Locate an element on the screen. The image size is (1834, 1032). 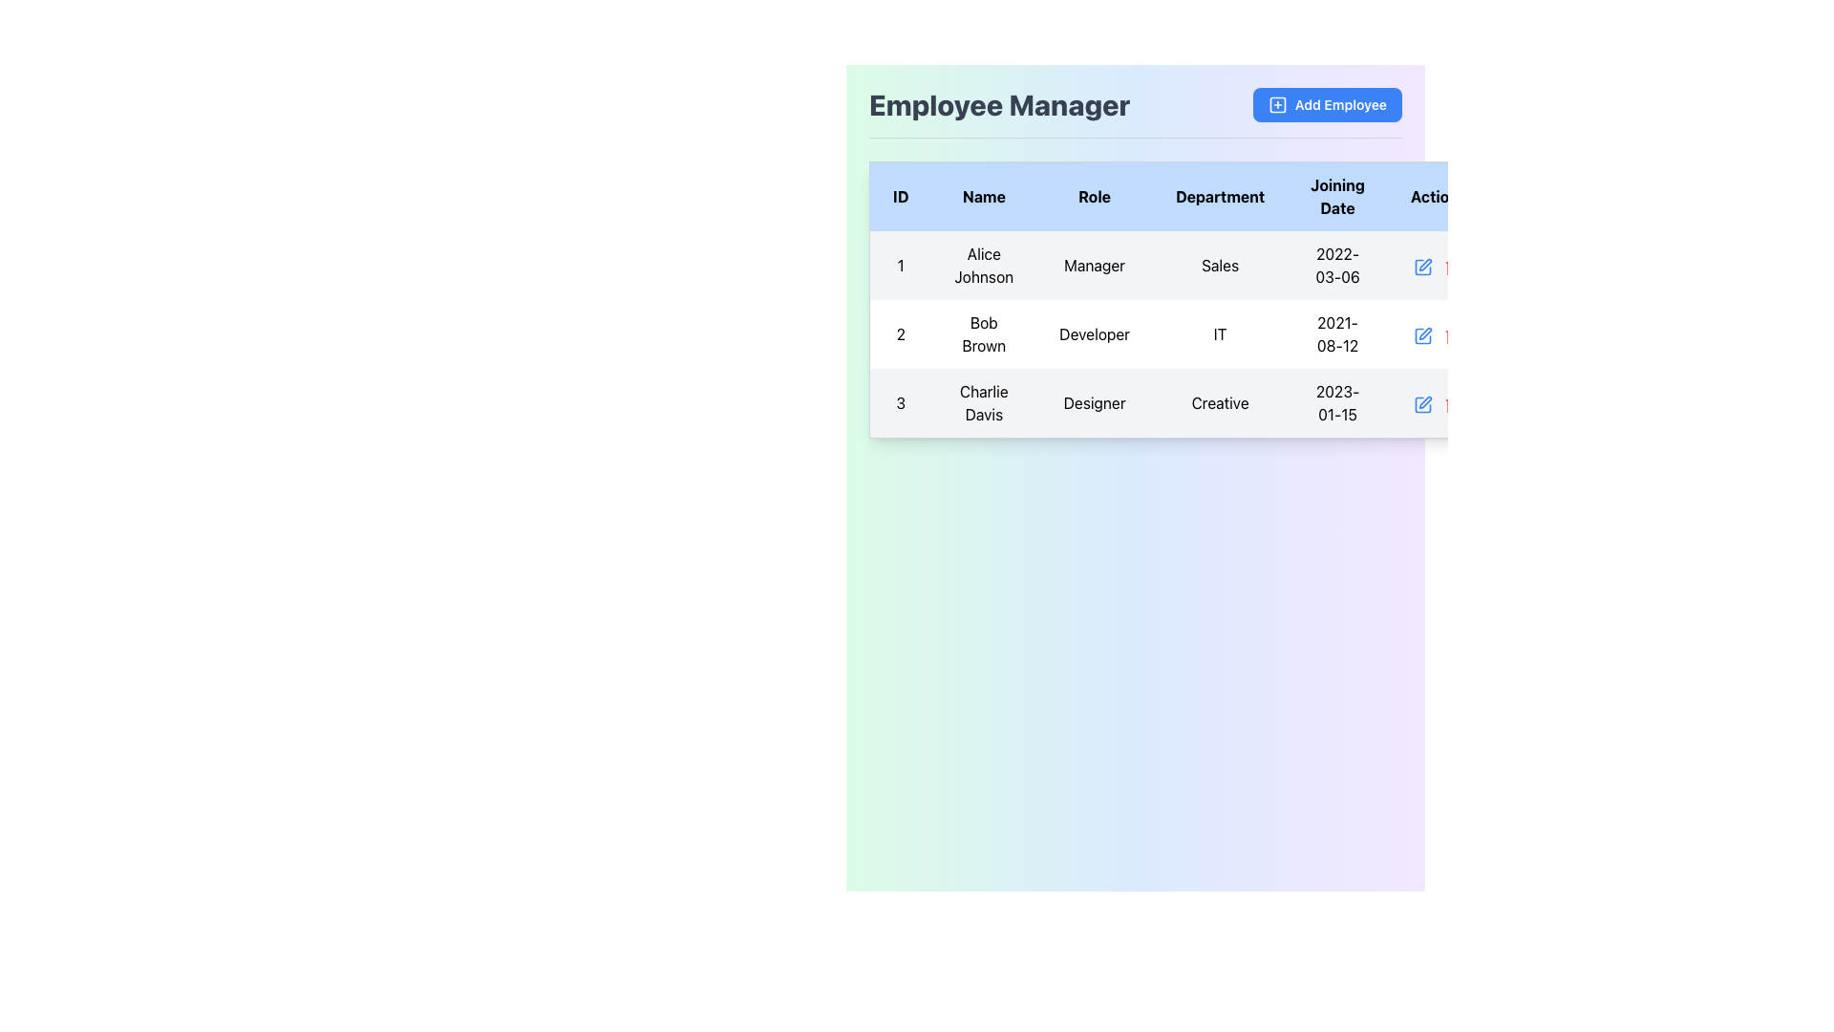
the table row displaying information about the employee Bob Brown, which includes their role, department, and joining date, located in the second row of the table is located at coordinates (1179, 333).